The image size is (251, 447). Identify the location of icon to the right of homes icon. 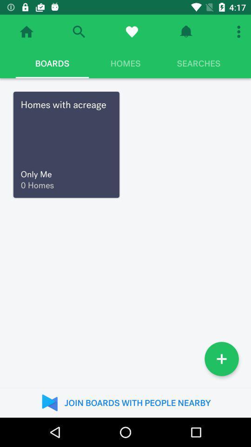
(198, 63).